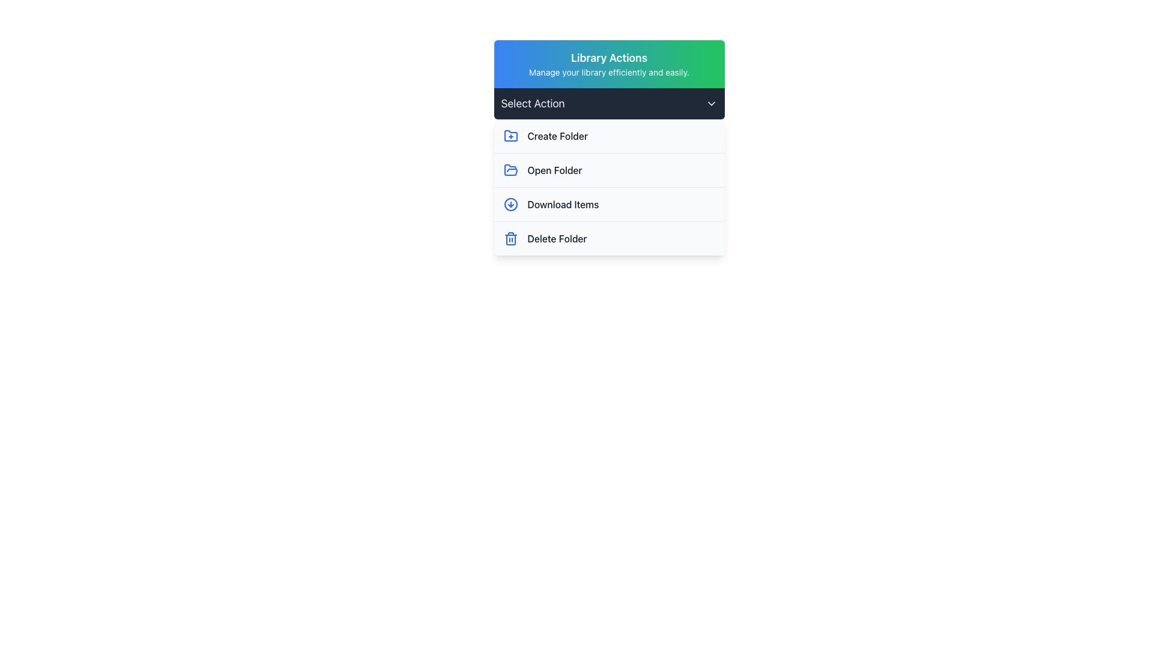  Describe the element at coordinates (510, 203) in the screenshot. I see `the Vector icon (SVG circle and arrow) that symbolizes downloading, located in the middle-left of the interface under the 'Download Items' option` at that location.